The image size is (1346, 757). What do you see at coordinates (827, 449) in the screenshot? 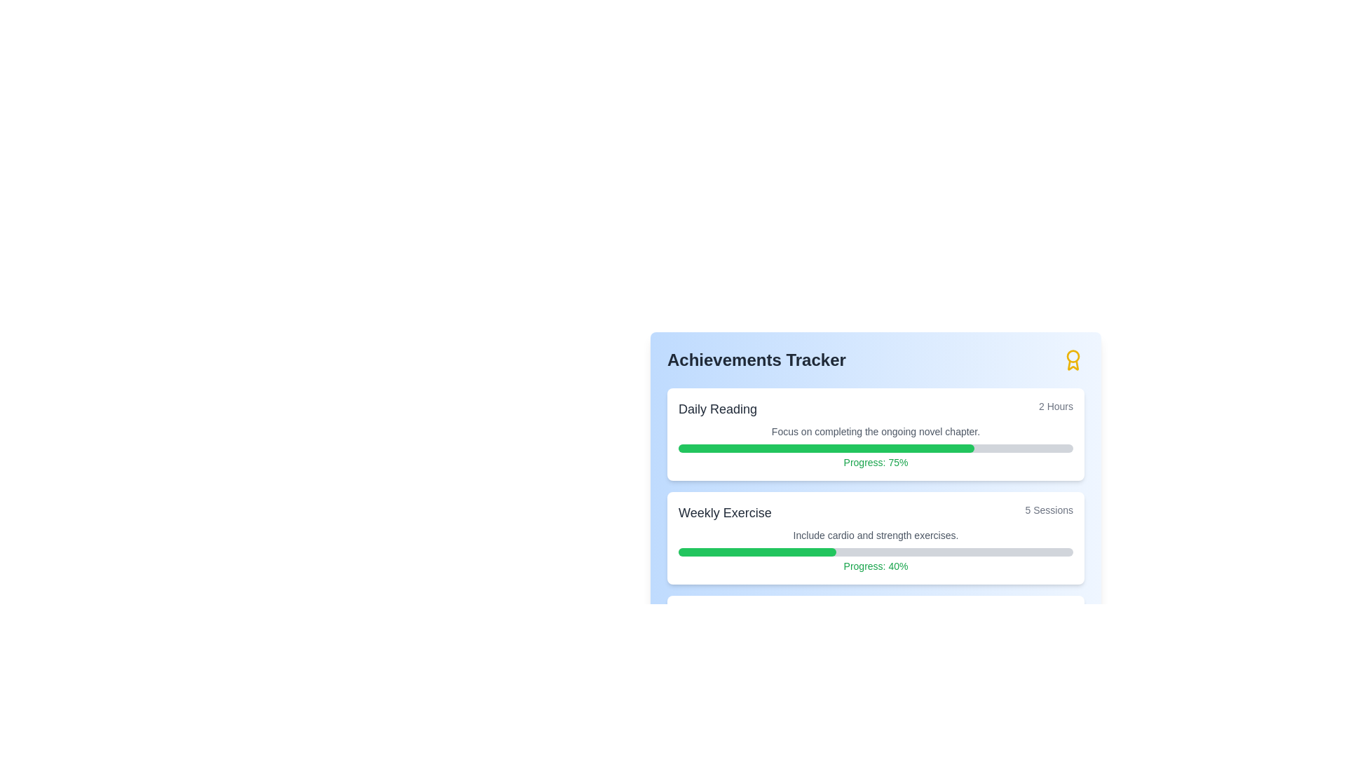
I see `the green progress bar within the 'Daily Reading' card of the 'Achievements Tracker' section` at bounding box center [827, 449].